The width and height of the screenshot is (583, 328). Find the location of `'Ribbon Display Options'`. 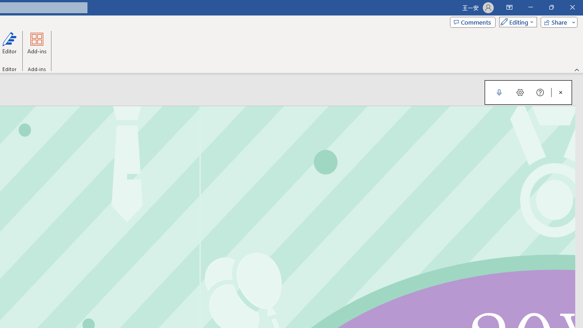

'Ribbon Display Options' is located at coordinates (509, 7).